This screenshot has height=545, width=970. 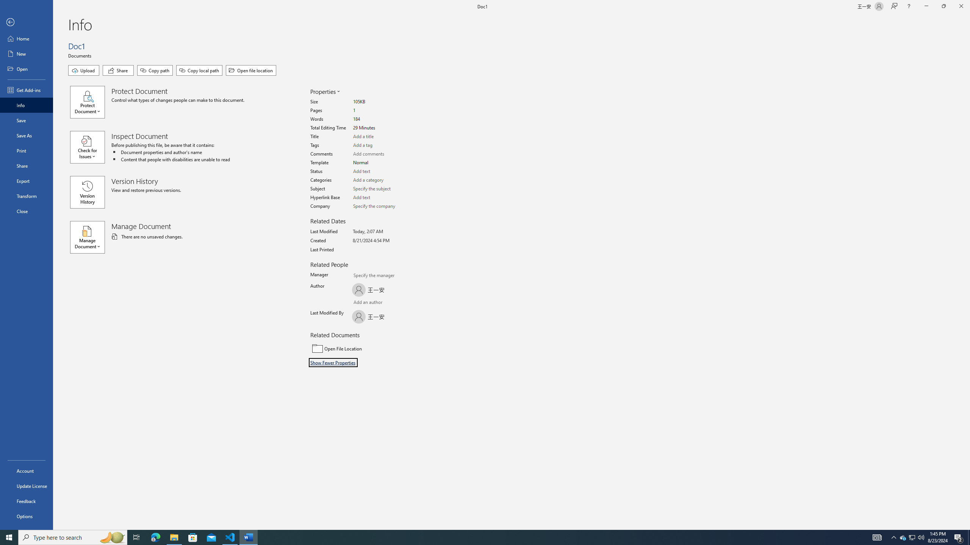 What do you see at coordinates (926, 6) in the screenshot?
I see `'Minimize'` at bounding box center [926, 6].